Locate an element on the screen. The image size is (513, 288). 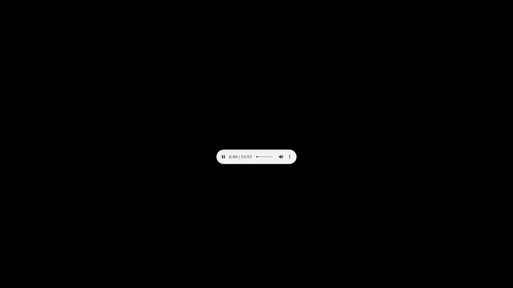
pause is located at coordinates (223, 156).